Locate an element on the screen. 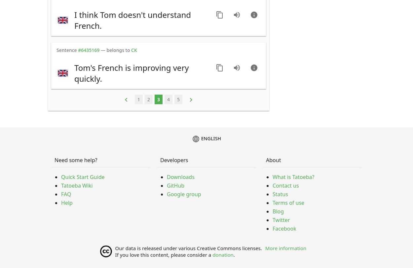 The width and height of the screenshot is (413, 268). 'Developers' is located at coordinates (174, 160).